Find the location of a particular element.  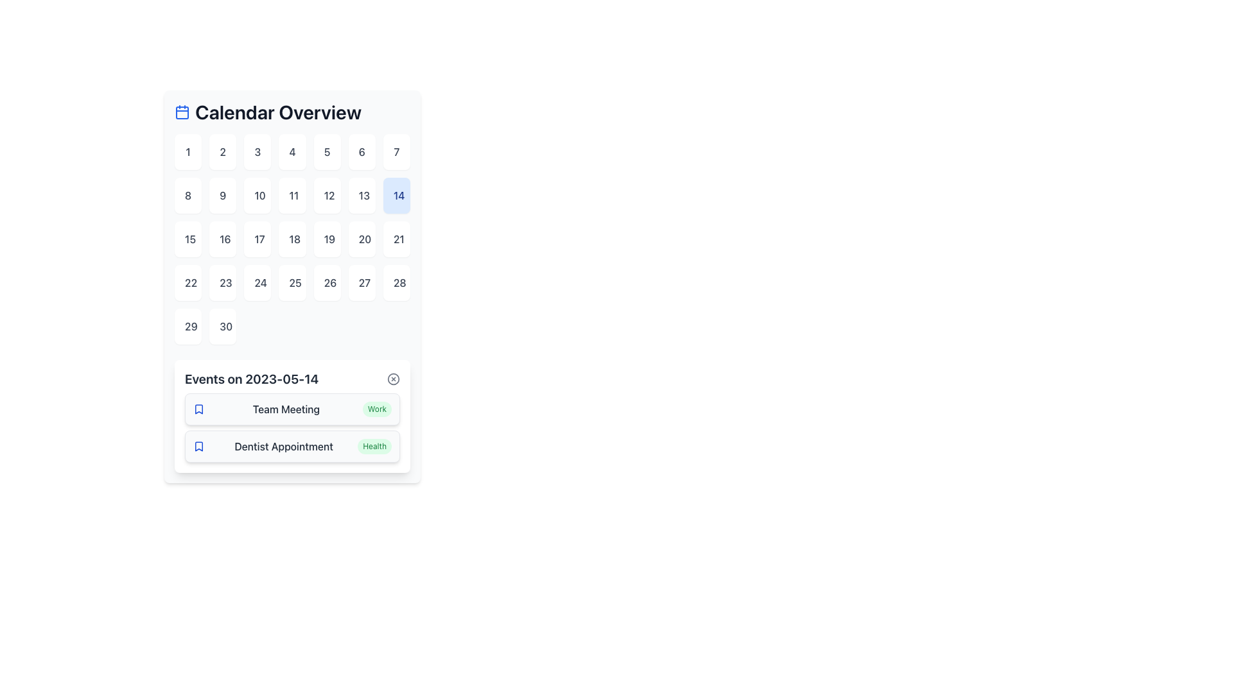

the 'Calendar Overview' text label, which is a bold, large sans-serif font positioned at the top of the header section next to a blue calendar icon is located at coordinates (277, 111).